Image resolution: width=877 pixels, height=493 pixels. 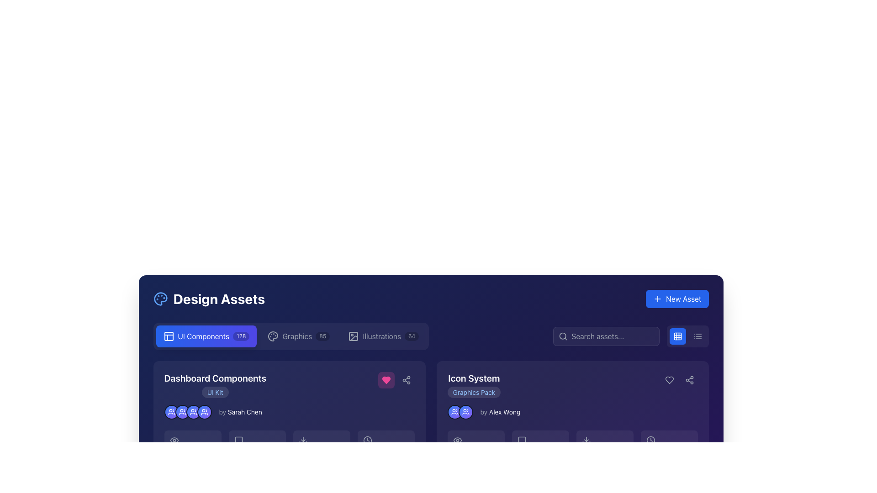 I want to click on the fifth user group icon in the 'Dashboard Components' section below the main navigation bar, so click(x=204, y=412).